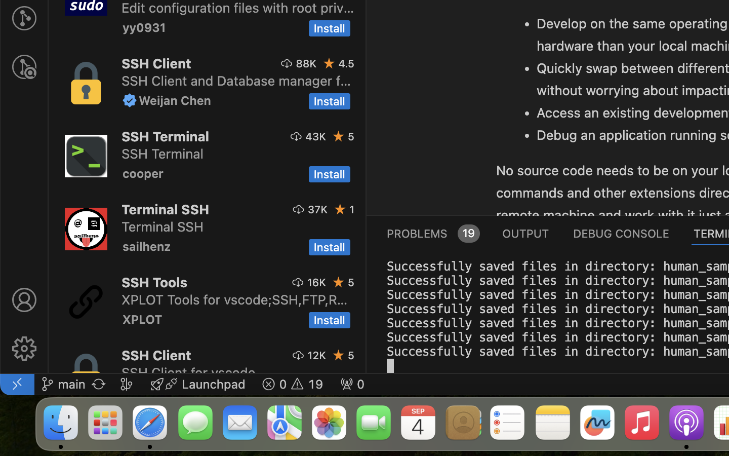 Image resolution: width=729 pixels, height=456 pixels. What do you see at coordinates (166, 136) in the screenshot?
I see `'SSH Terminal'` at bounding box center [166, 136].